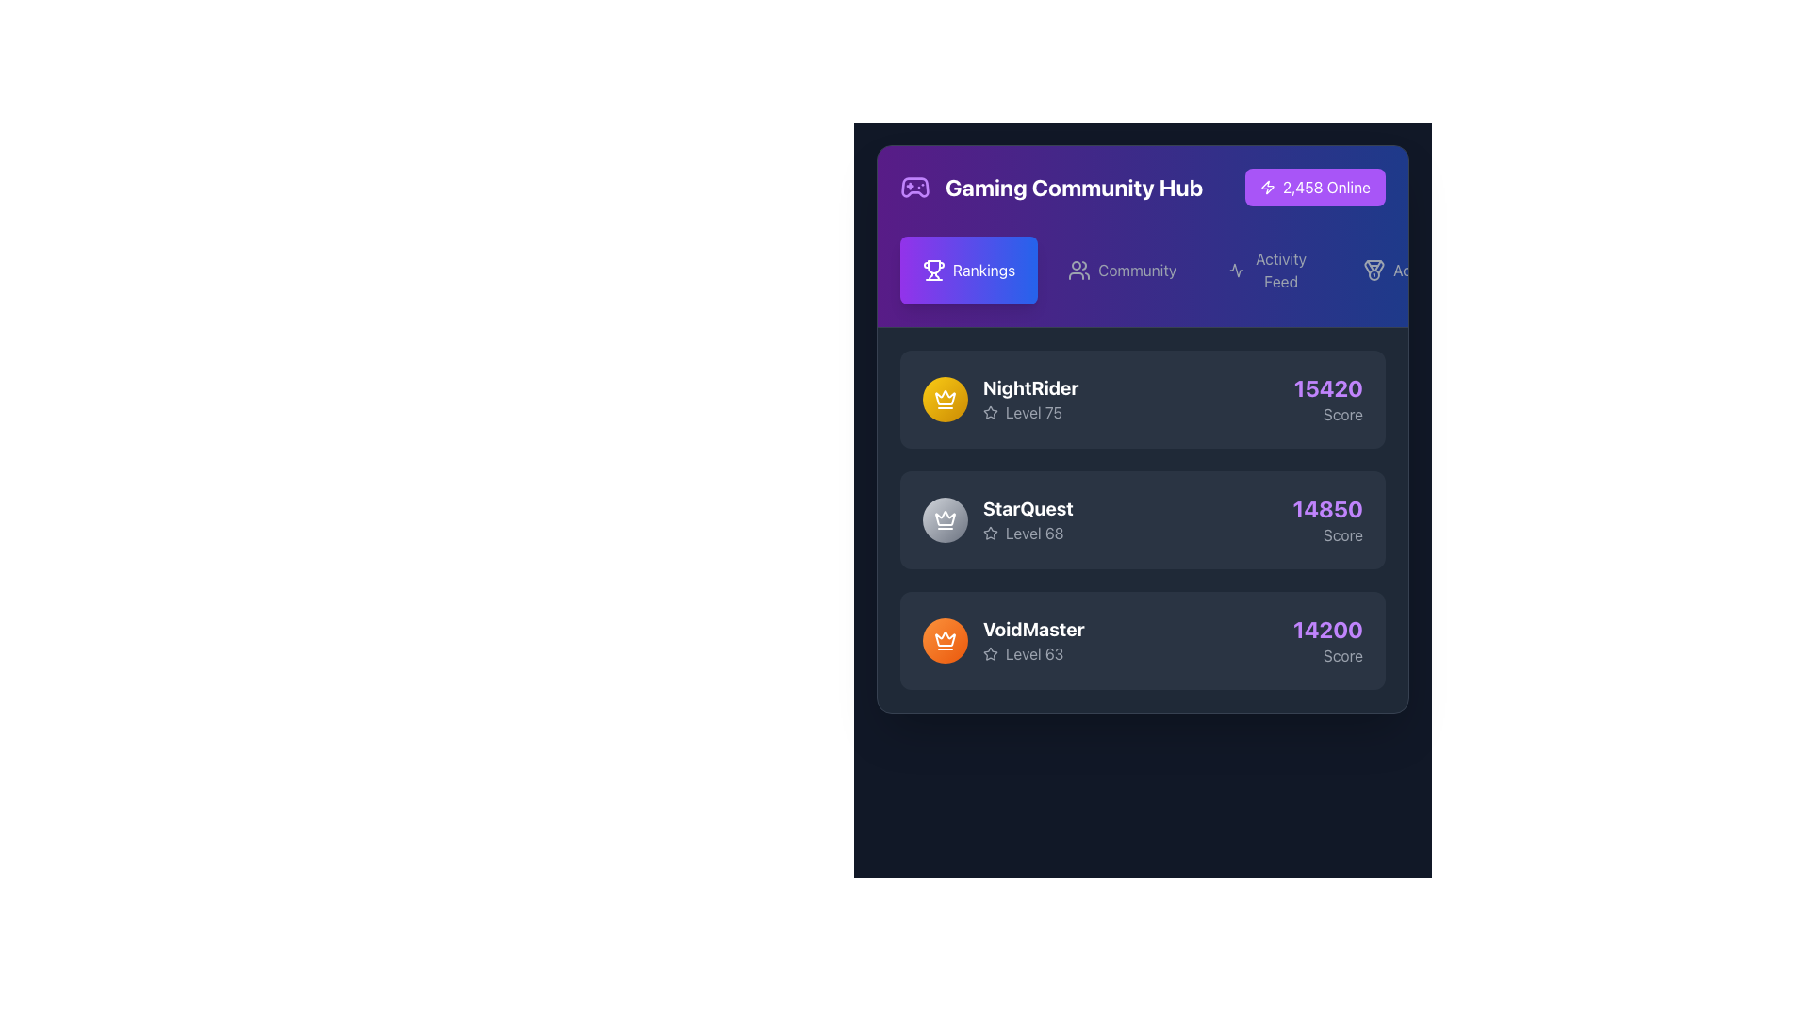  Describe the element at coordinates (968, 270) in the screenshot. I see `the leftmost navigation button` at that location.